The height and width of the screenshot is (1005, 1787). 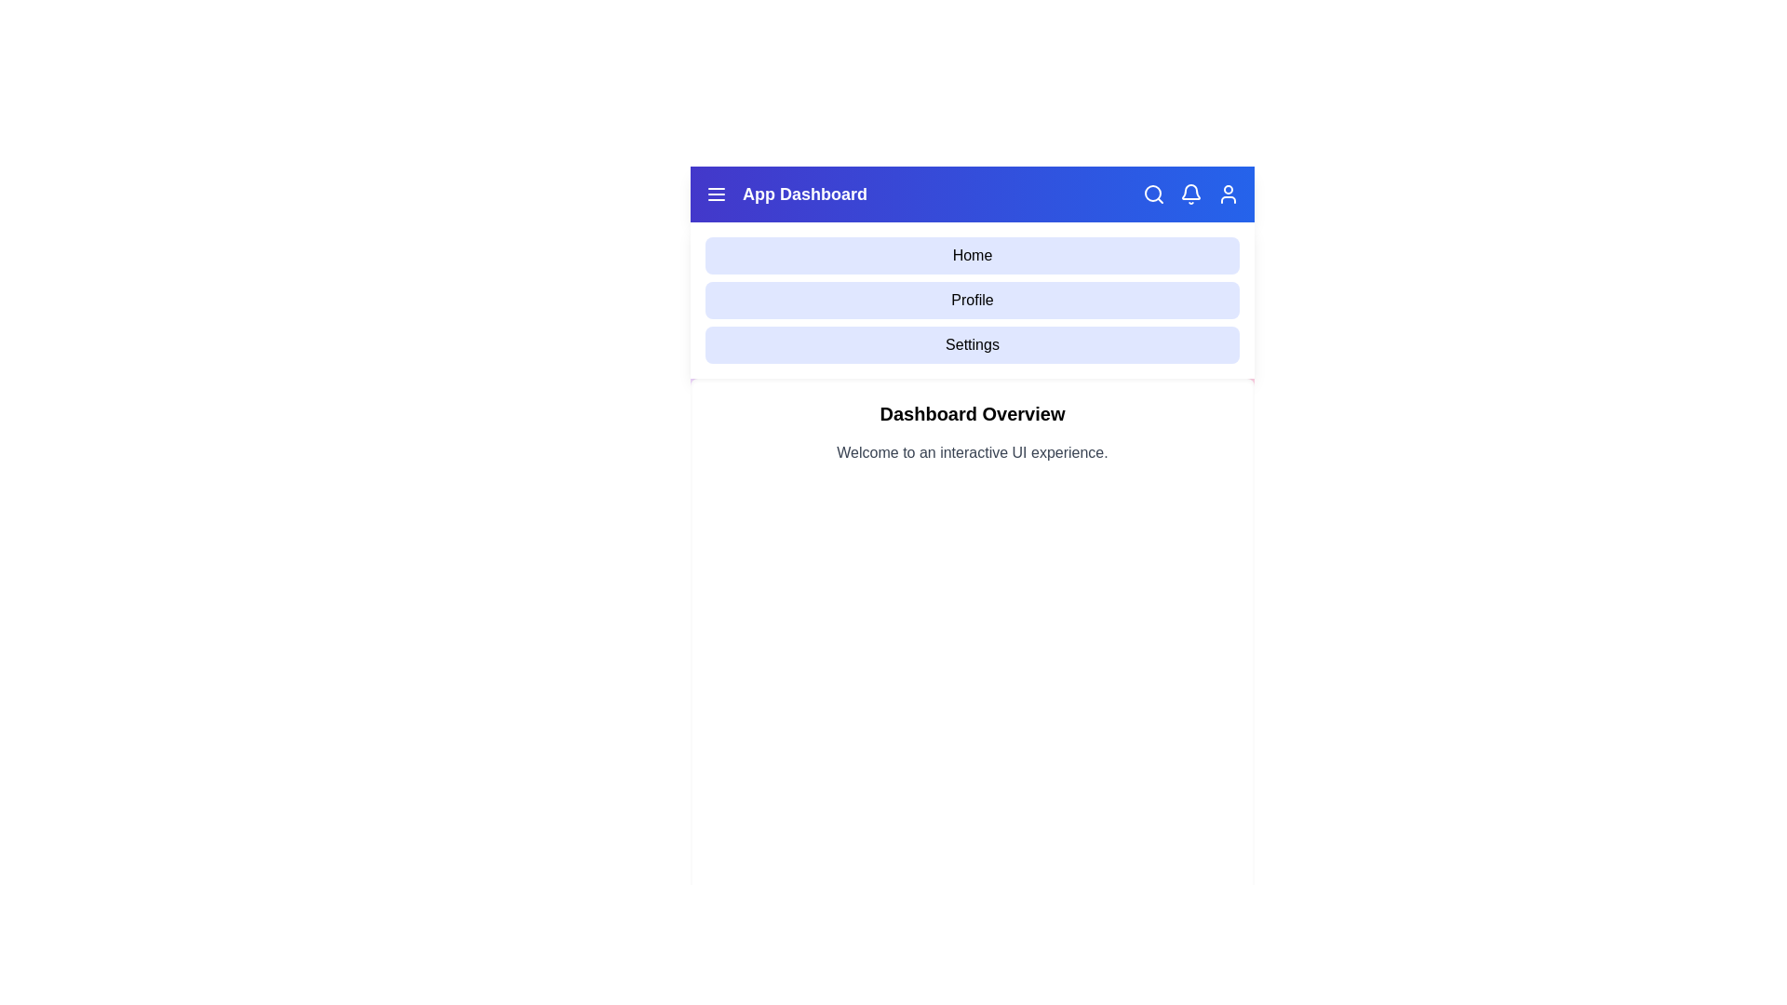 What do you see at coordinates (1152, 194) in the screenshot?
I see `the search icon in the app bar` at bounding box center [1152, 194].